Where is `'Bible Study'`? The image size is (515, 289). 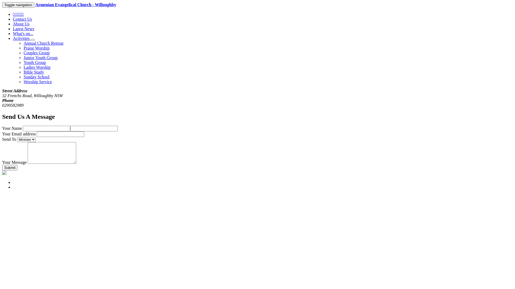 'Bible Study' is located at coordinates (33, 72).